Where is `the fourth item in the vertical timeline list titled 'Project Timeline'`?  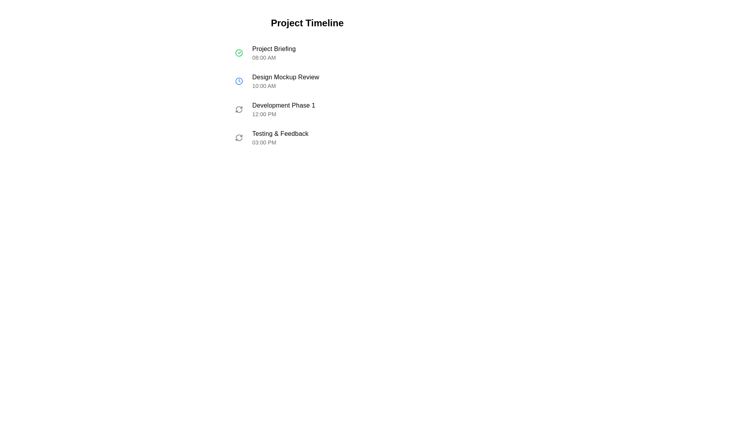 the fourth item in the vertical timeline list titled 'Project Timeline' is located at coordinates (317, 137).